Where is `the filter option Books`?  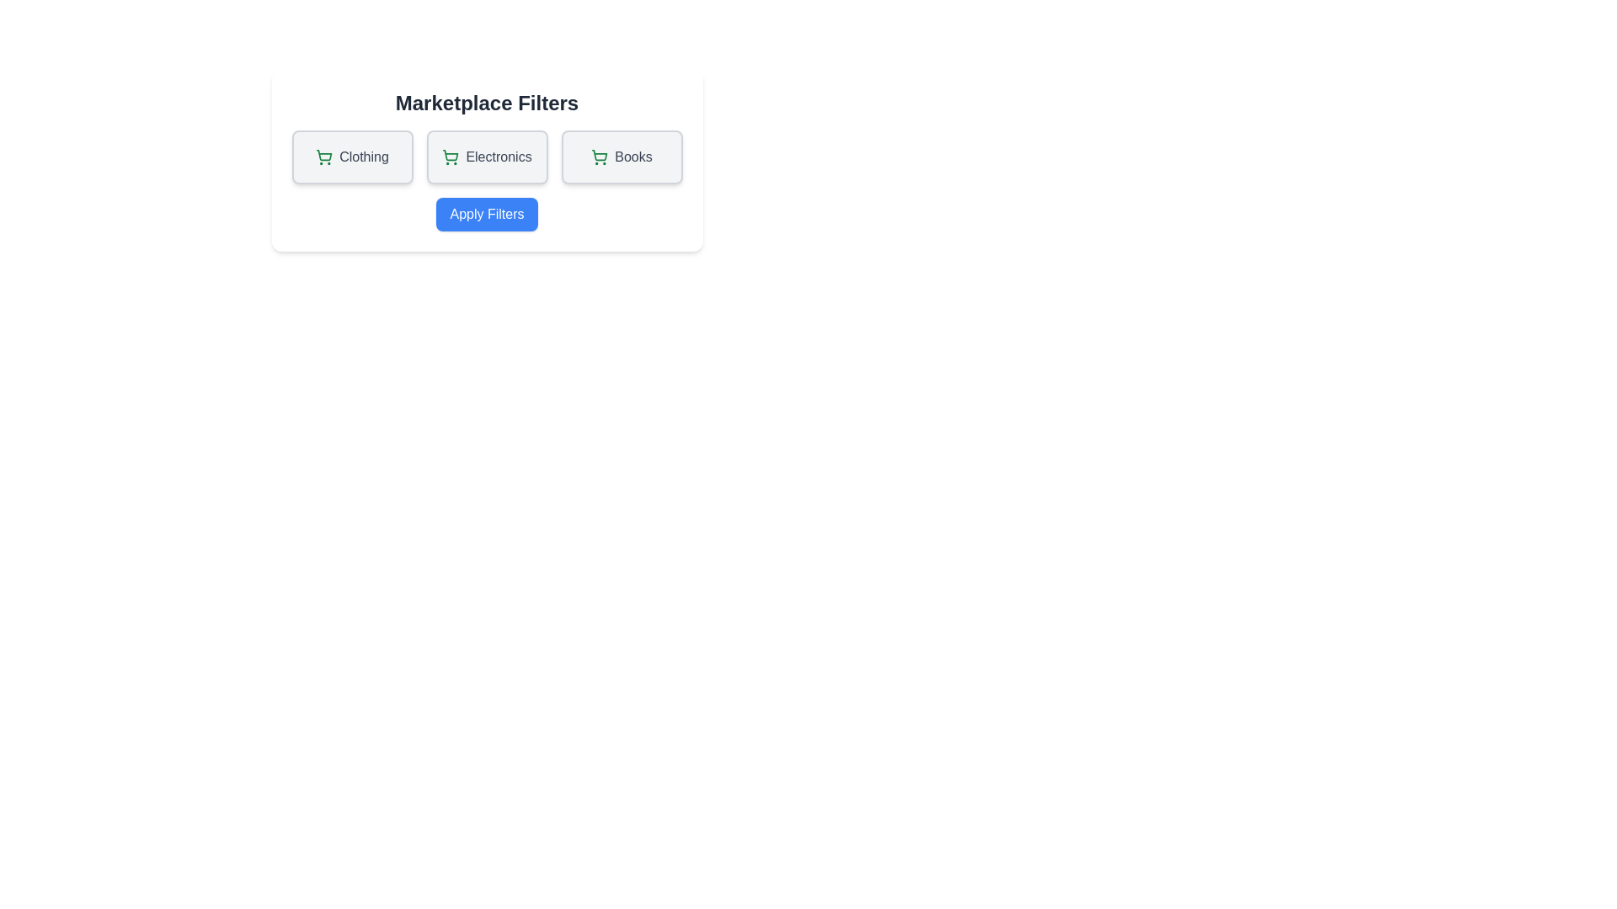 the filter option Books is located at coordinates (621, 157).